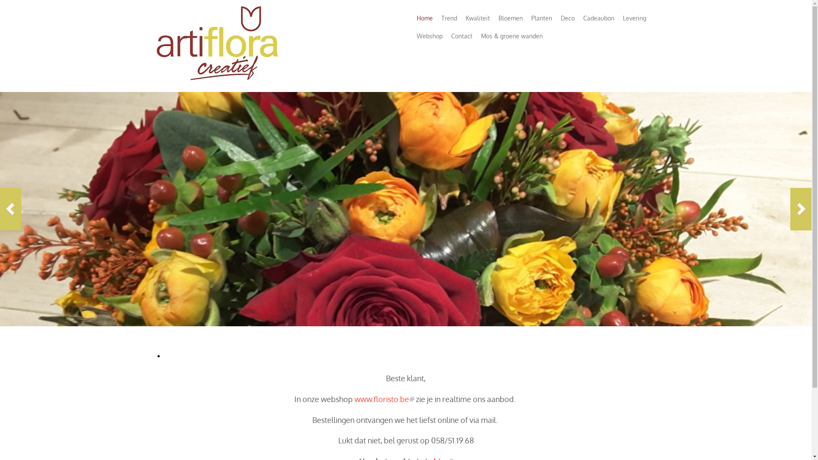 The image size is (818, 460). Describe the element at coordinates (567, 18) in the screenshot. I see `'Deco'` at that location.